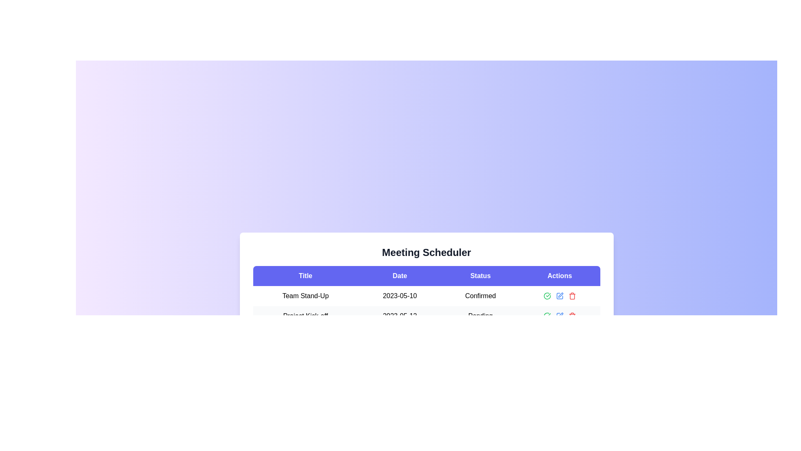  What do you see at coordinates (559, 276) in the screenshot?
I see `the 'Actions' tab, which is the fourth tab in a horizontal row of headers at the top-right portion of the table` at bounding box center [559, 276].